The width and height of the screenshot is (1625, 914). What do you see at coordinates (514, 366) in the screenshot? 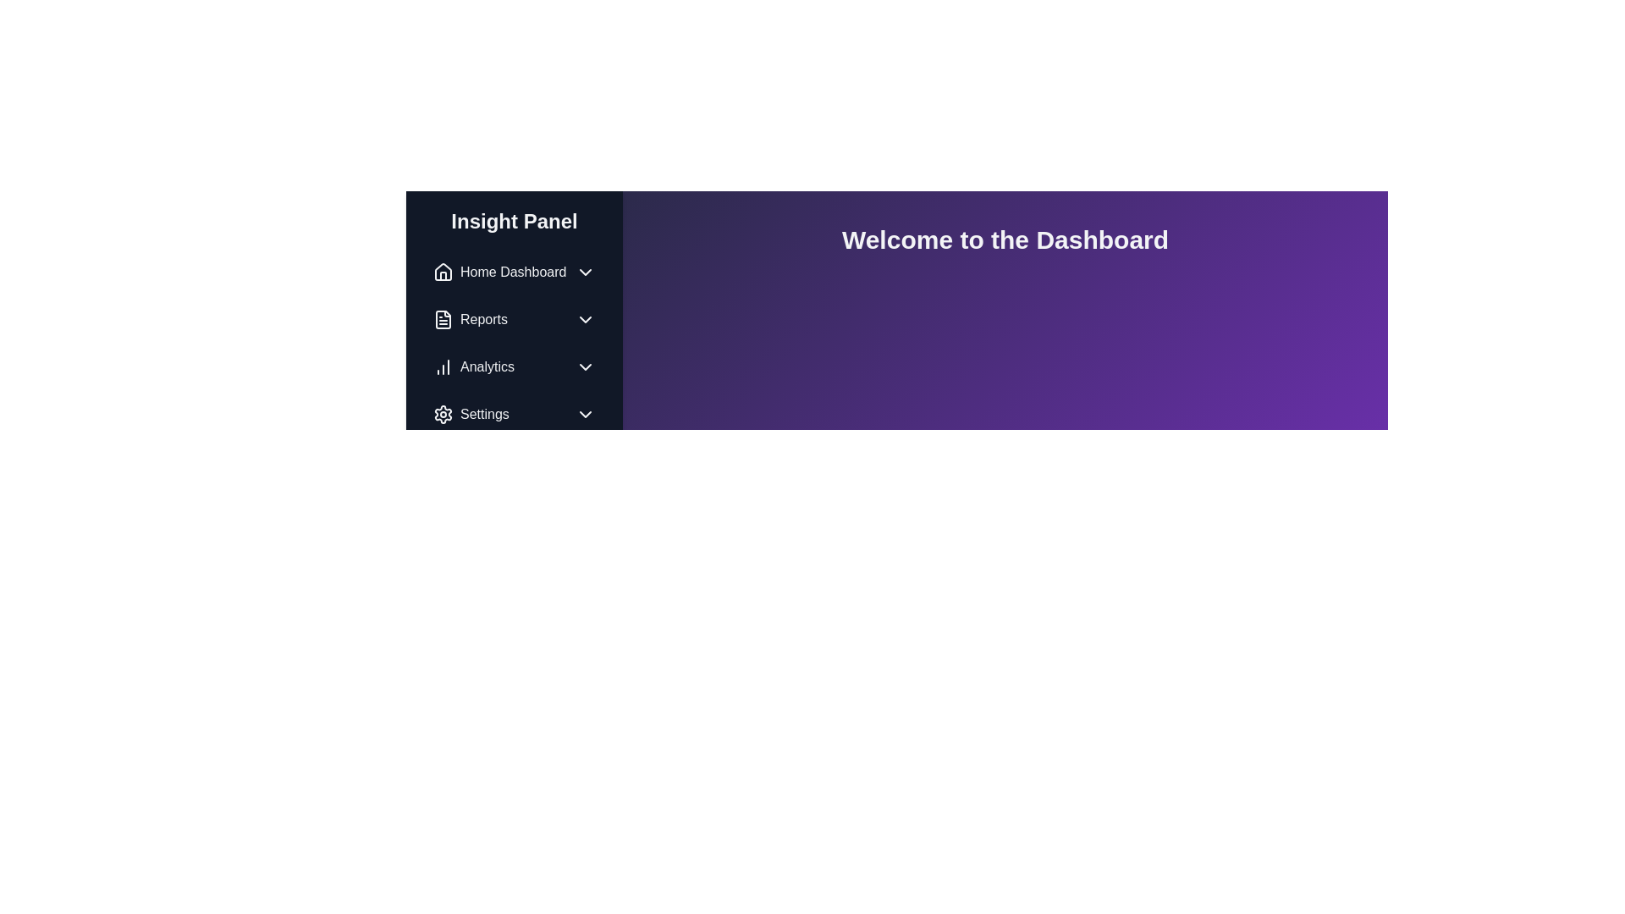
I see `the third button in the vertical stack of navigation options on the left panel` at bounding box center [514, 366].